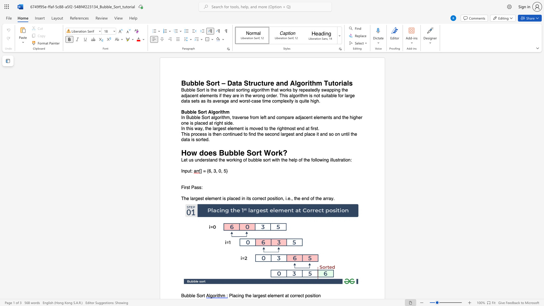 This screenshot has width=544, height=306. I want to click on the subset text "rt" within the text "Bubble Sort", so click(202, 296).